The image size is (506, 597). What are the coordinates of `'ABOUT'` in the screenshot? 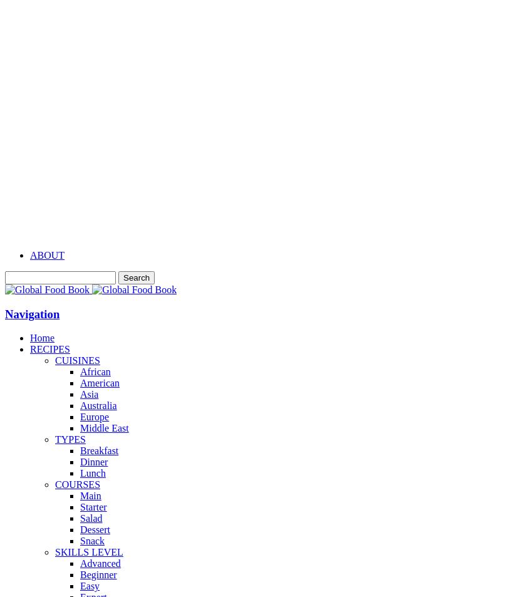 It's located at (47, 254).